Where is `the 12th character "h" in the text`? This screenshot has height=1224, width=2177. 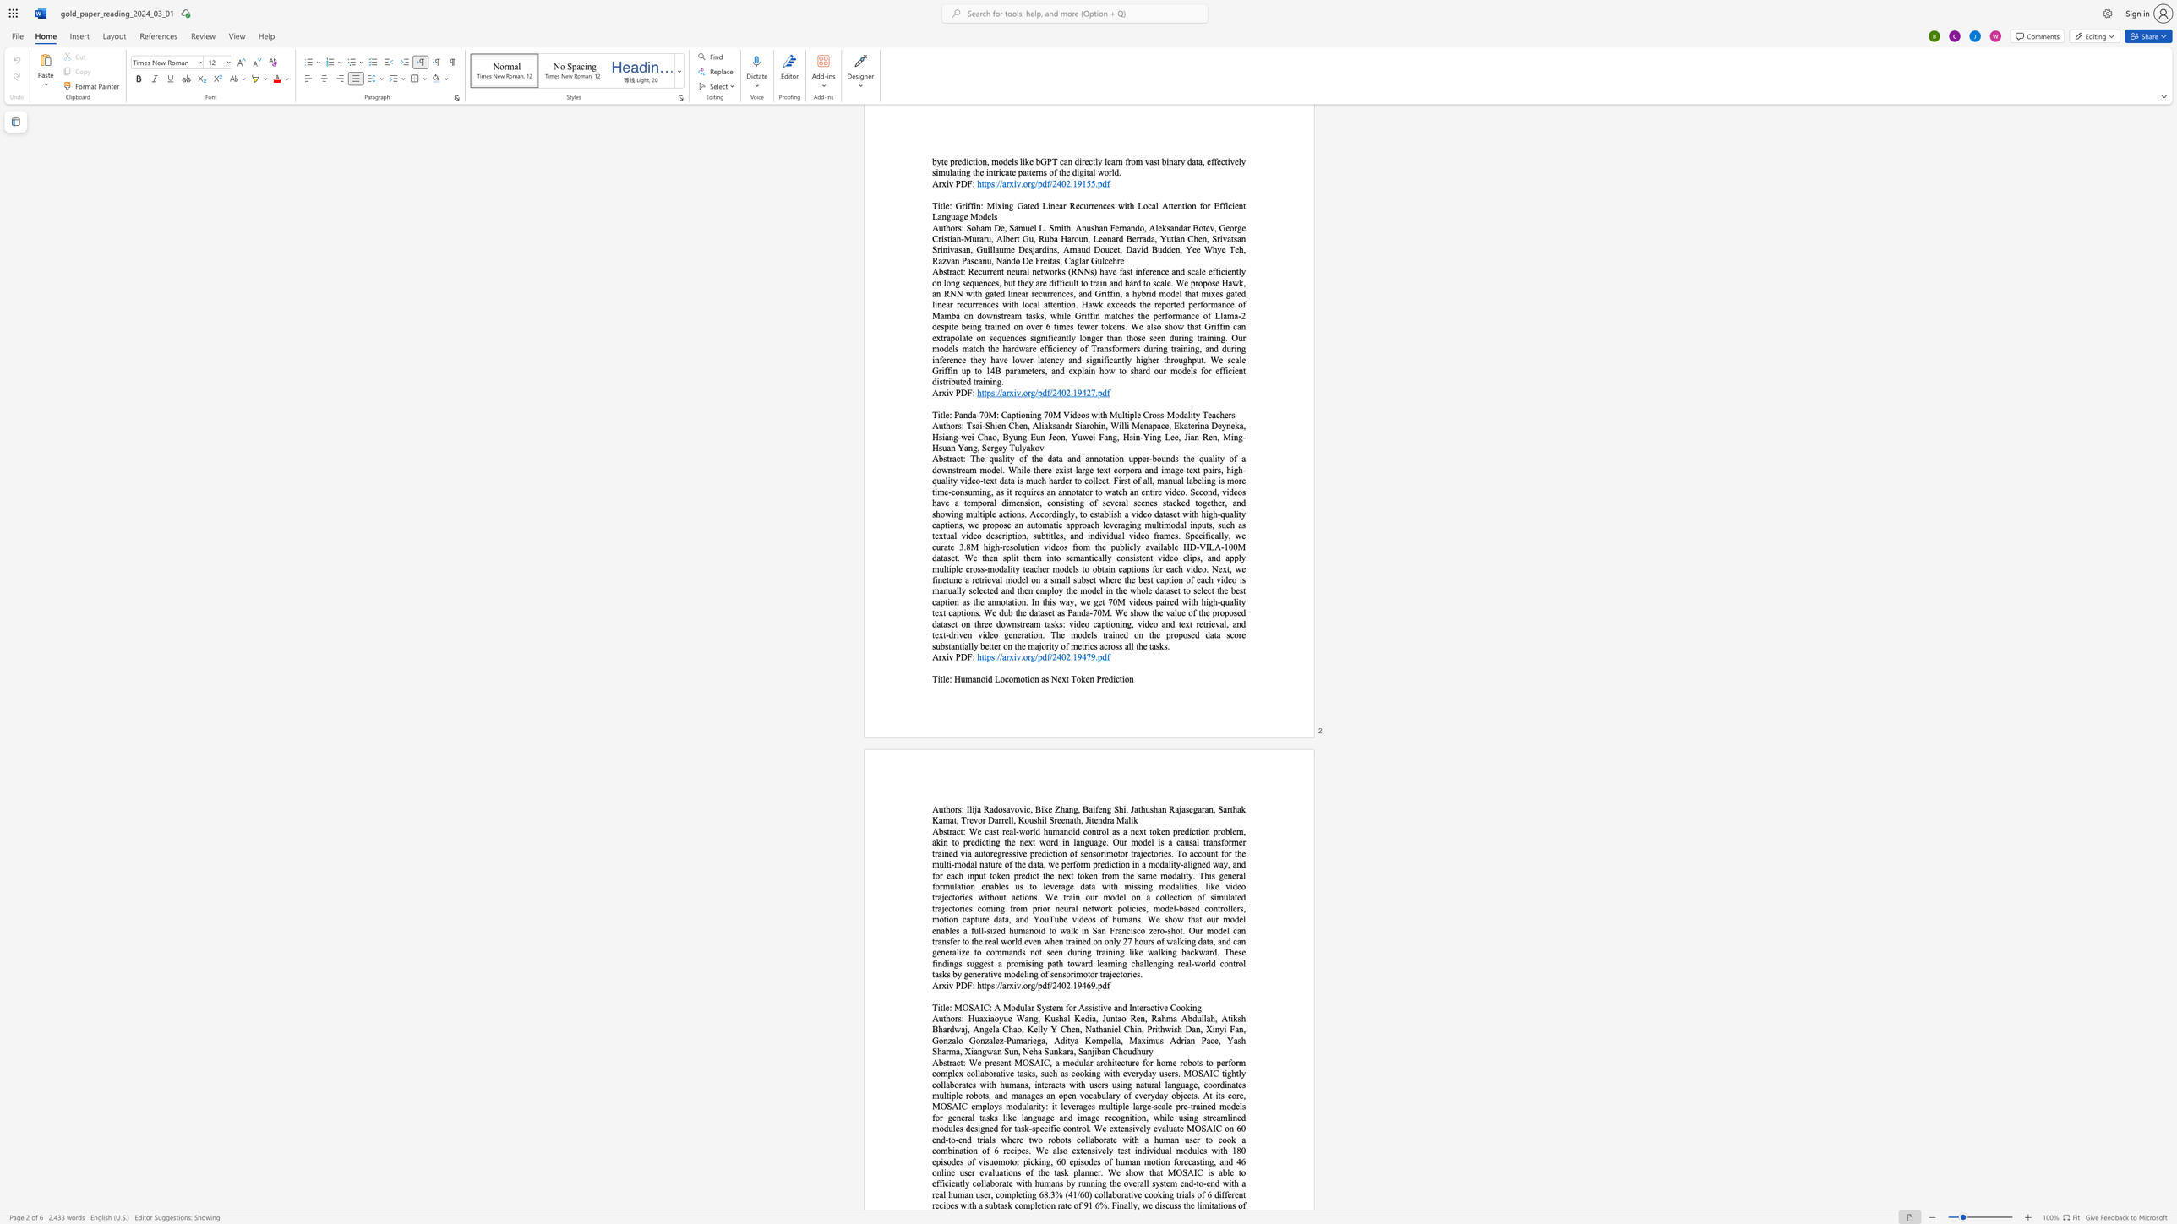 the 12th character "h" in the text is located at coordinates (1242, 1040).